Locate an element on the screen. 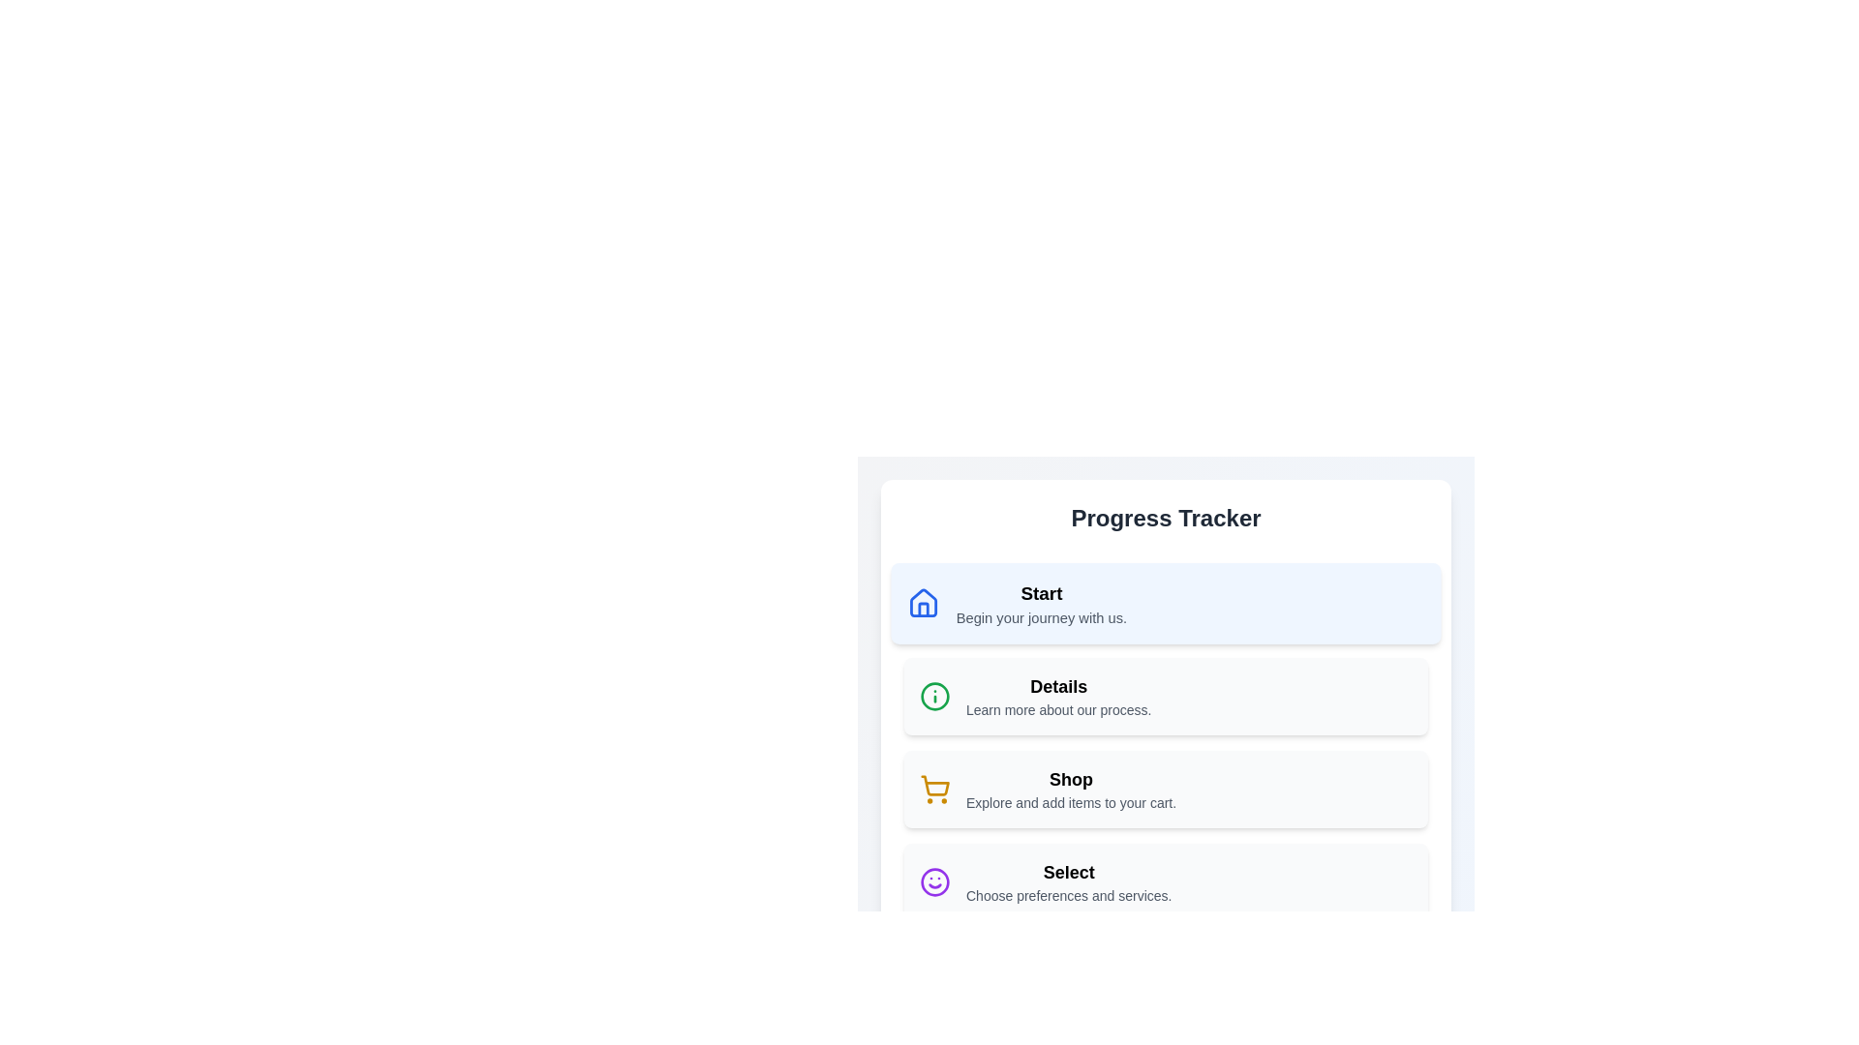 This screenshot has width=1859, height=1045. the blue house icon located to the left of the text 'Start' in the 'Progress Tracker' section is located at coordinates (923, 603).